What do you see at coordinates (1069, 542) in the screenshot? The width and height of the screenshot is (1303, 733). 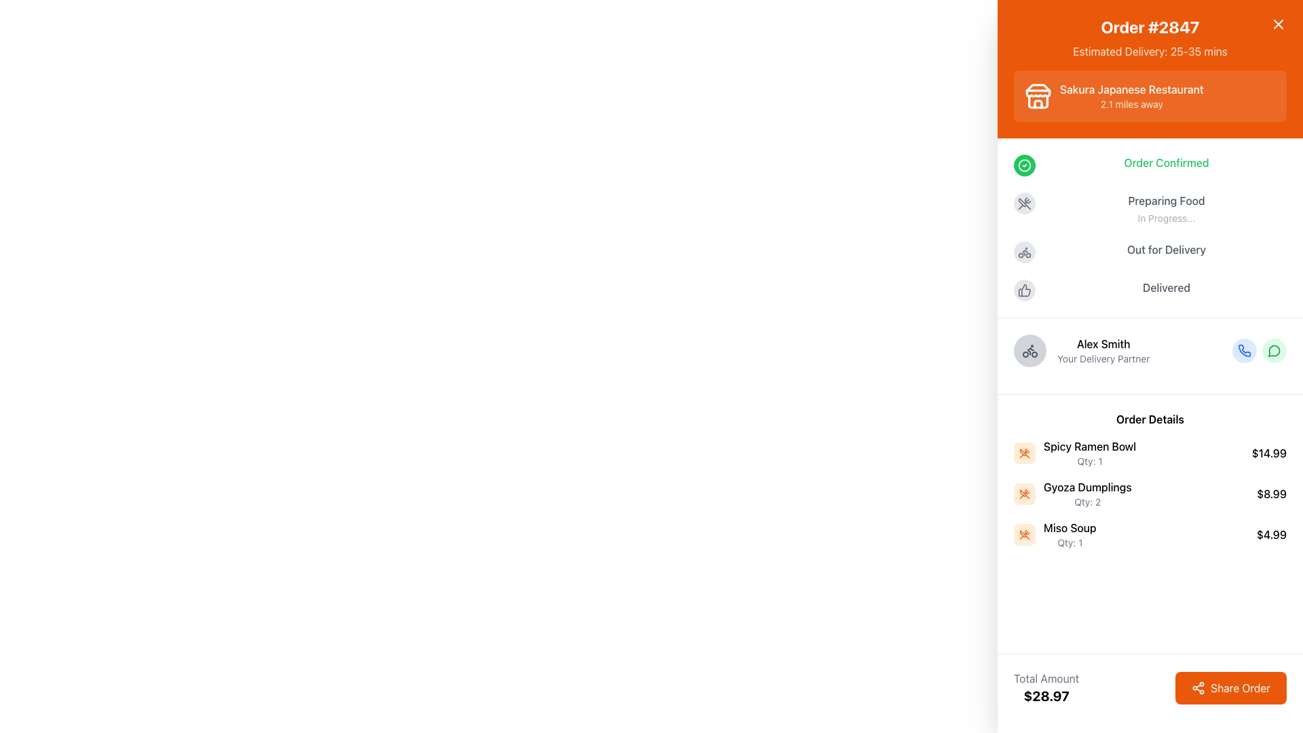 I see `the static text label that indicates the quantity of the 'Miso Soup' item in the 'Order Details' list, located at the bottom-right corner of the item's section` at bounding box center [1069, 542].